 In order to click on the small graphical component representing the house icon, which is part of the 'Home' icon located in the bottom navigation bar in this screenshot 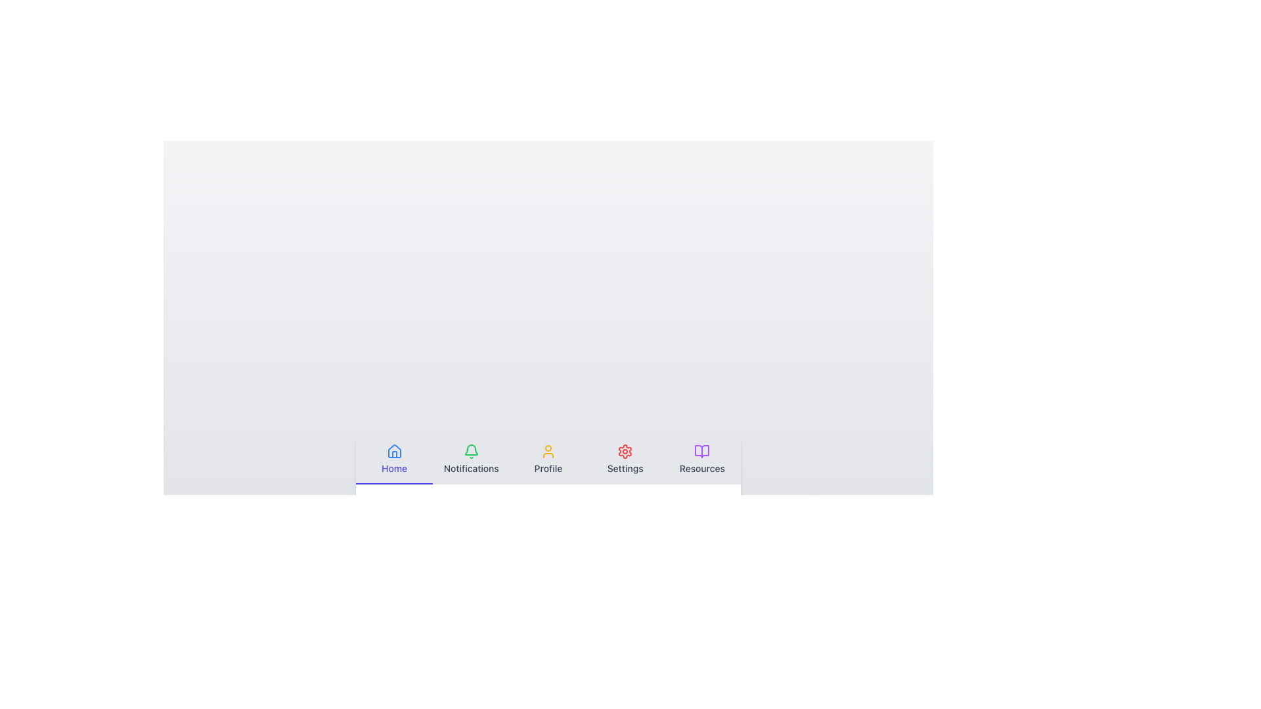, I will do `click(393, 454)`.